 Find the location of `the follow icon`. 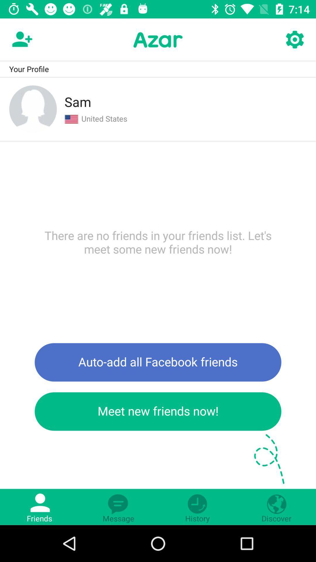

the follow icon is located at coordinates (21, 40).